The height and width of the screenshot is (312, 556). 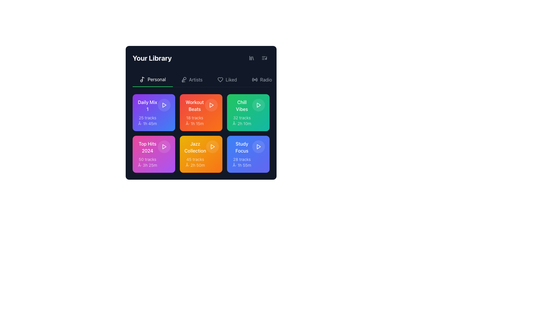 What do you see at coordinates (154, 112) in the screenshot?
I see `the 'Daily Mix 1' interactive card located in the top-left corner of the grid layout` at bounding box center [154, 112].